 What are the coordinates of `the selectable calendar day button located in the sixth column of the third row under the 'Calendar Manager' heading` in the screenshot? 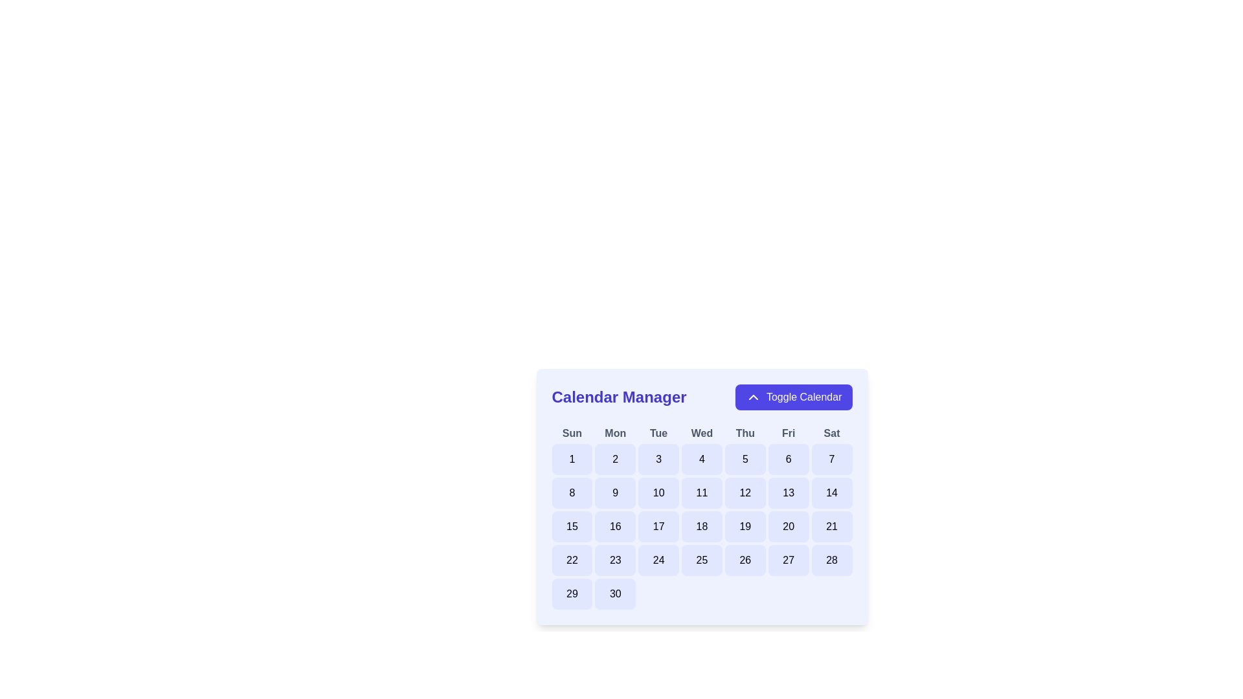 It's located at (788, 493).